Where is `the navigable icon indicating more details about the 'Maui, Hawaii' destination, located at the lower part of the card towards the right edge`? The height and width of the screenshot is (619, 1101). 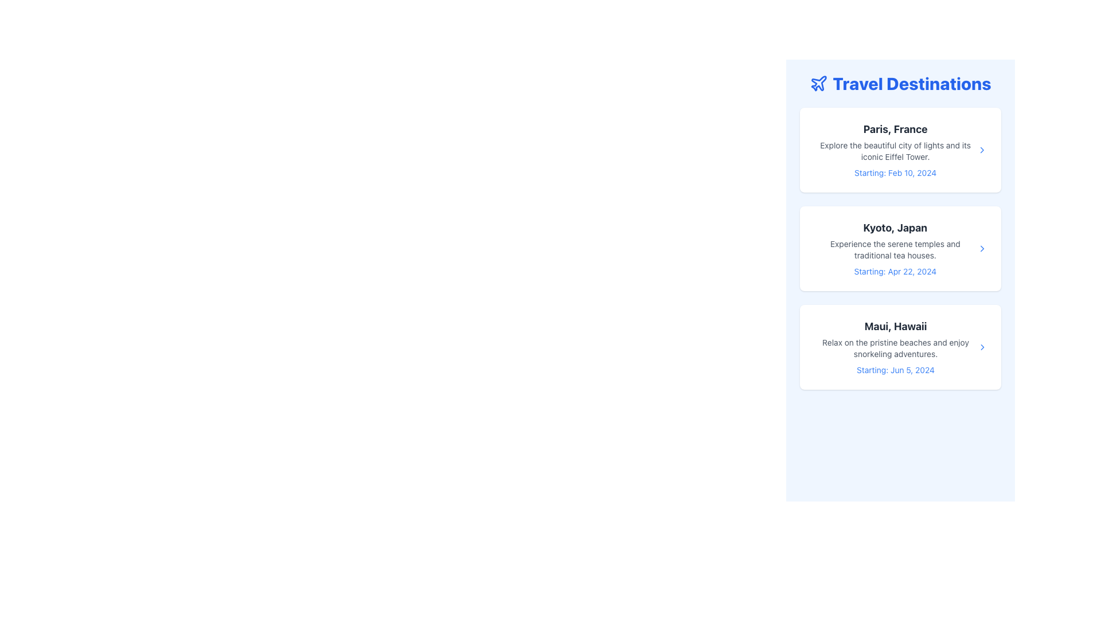
the navigable icon indicating more details about the 'Maui, Hawaii' destination, located at the lower part of the card towards the right edge is located at coordinates (982, 346).